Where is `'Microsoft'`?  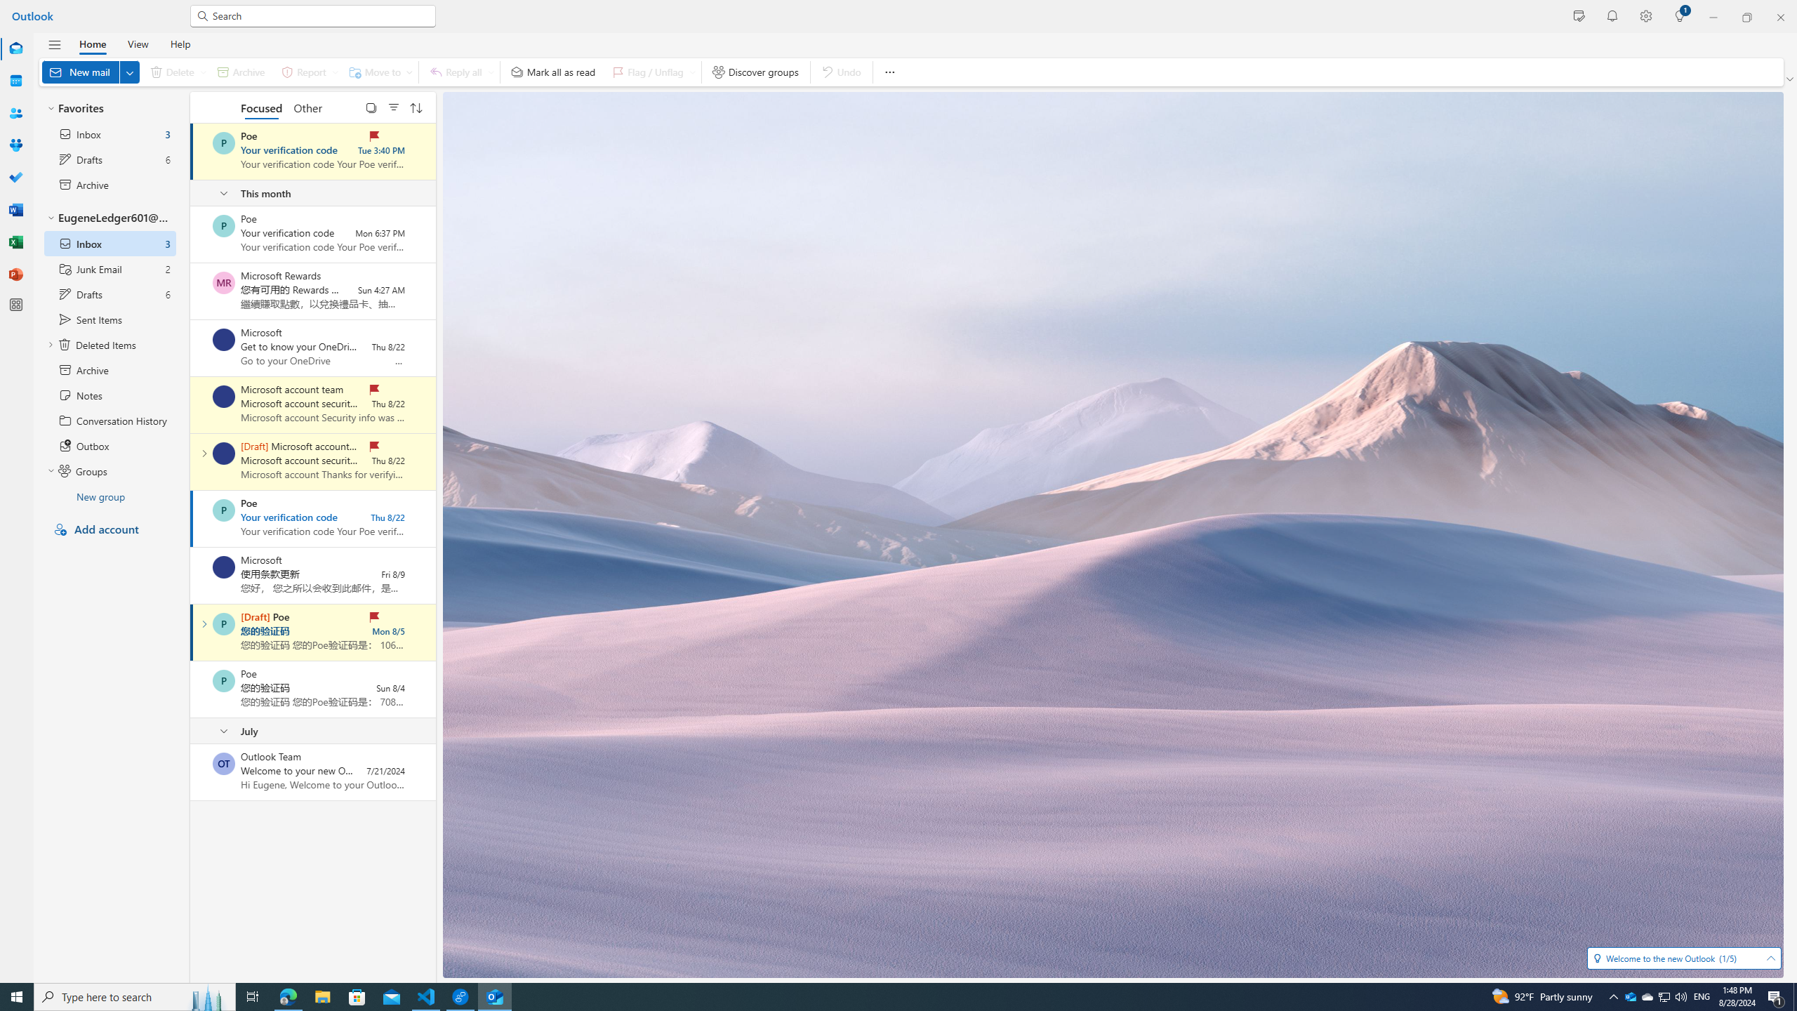
'Microsoft' is located at coordinates (223, 567).